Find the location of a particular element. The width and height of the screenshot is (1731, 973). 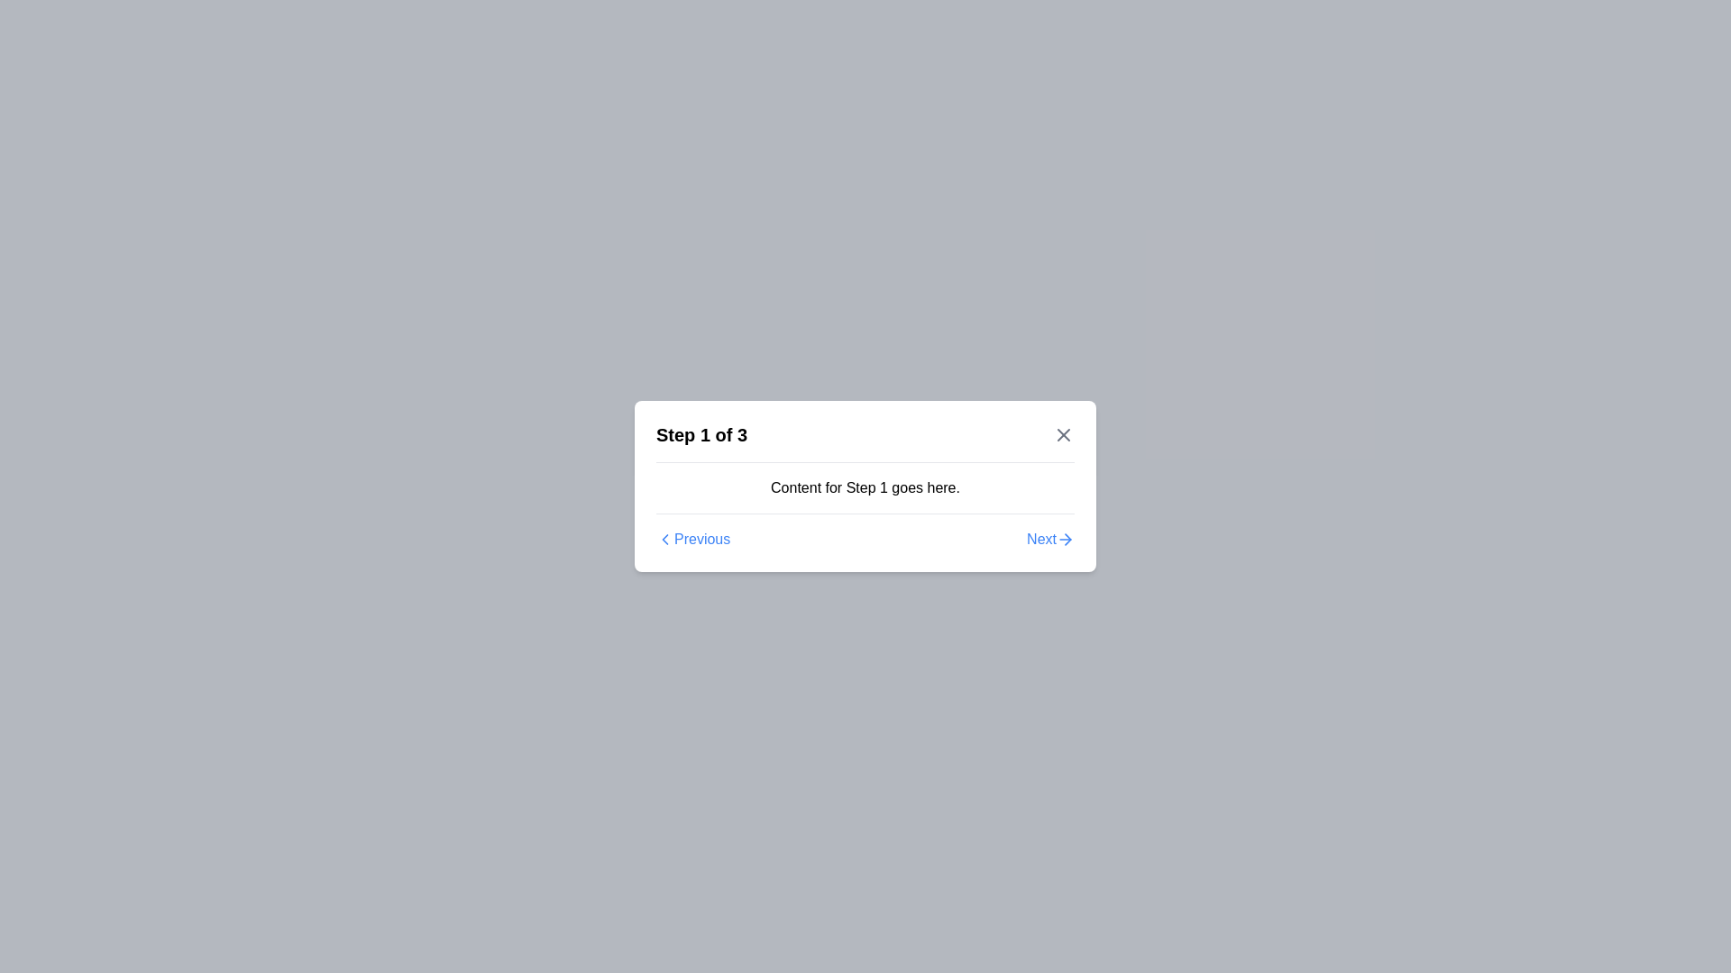

the 'X' close icon located at the top right corner of the modal dialog is located at coordinates (1064, 434).